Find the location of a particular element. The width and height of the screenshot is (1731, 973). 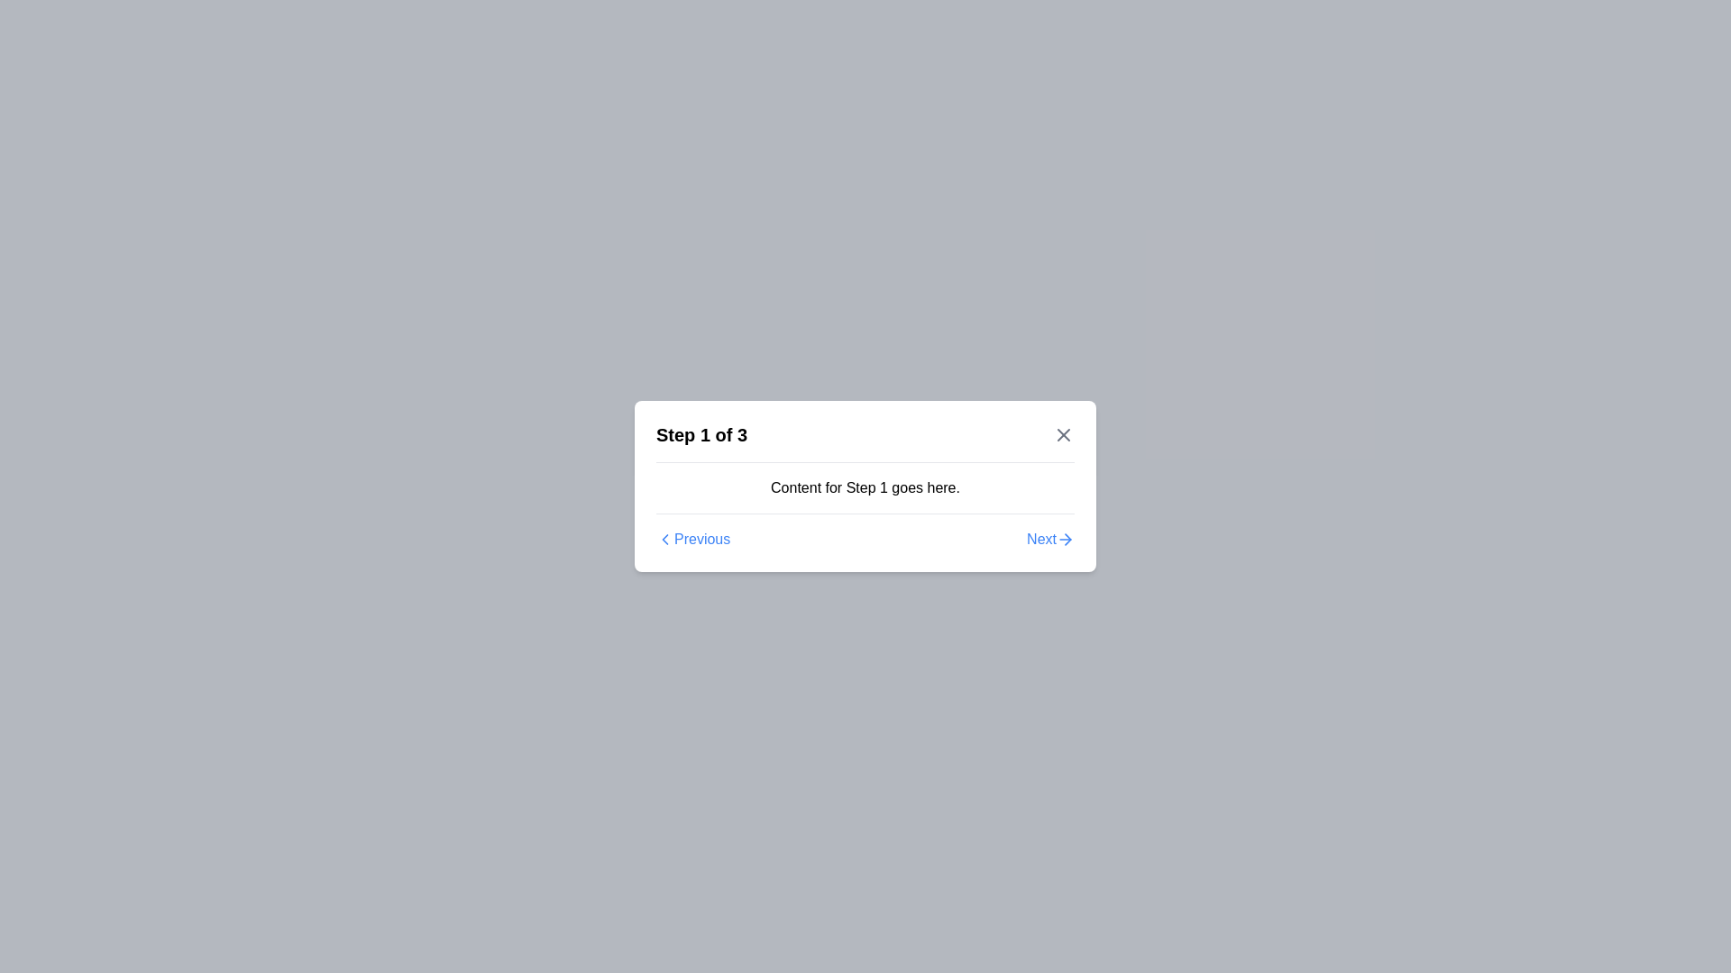

the 'X' close icon located at the top right corner of the modal dialog is located at coordinates (1064, 434).